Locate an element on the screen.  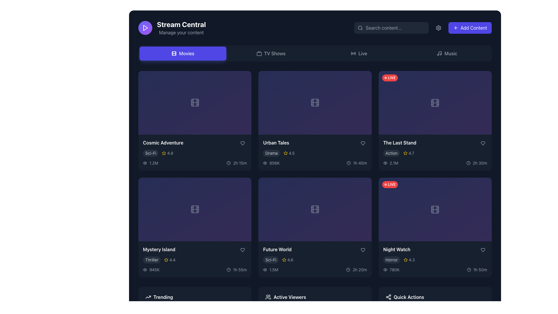
the search input field located in the header, which has a placeholder text 'Search content...' and is styled with a dark background and light-colored text is located at coordinates (391, 28).